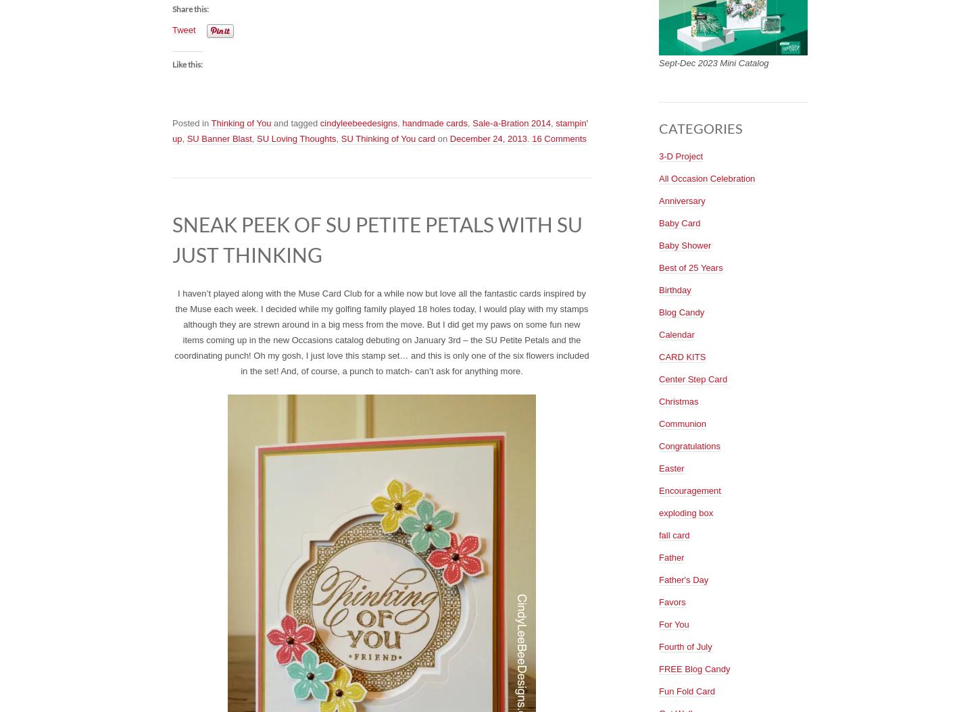 Image resolution: width=980 pixels, height=712 pixels. What do you see at coordinates (191, 122) in the screenshot?
I see `'Posted in'` at bounding box center [191, 122].